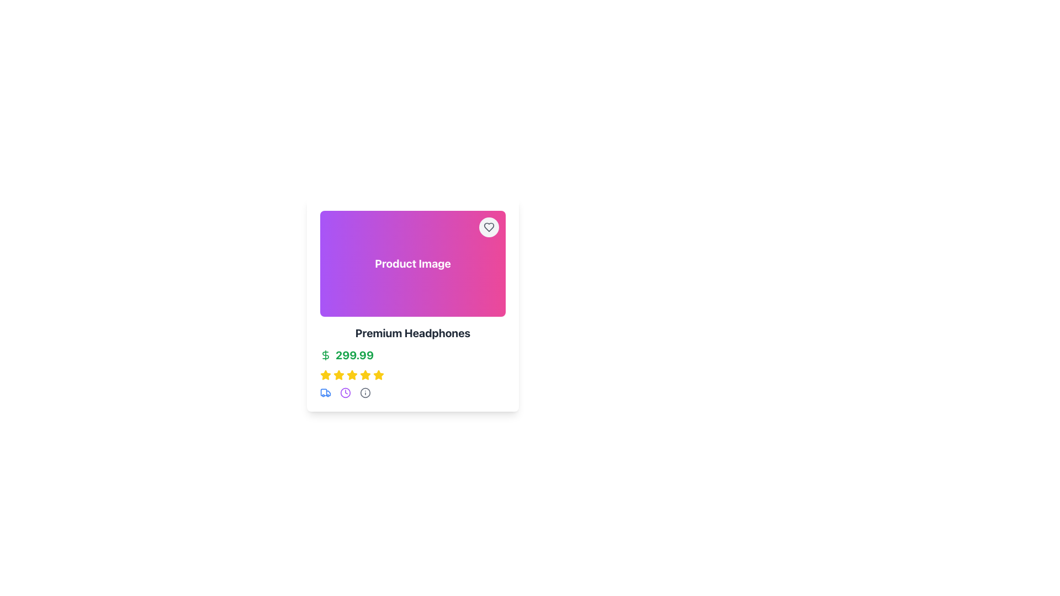 This screenshot has width=1060, height=596. What do you see at coordinates (338, 374) in the screenshot?
I see `the third star icon in the rating system, which is visually represented as a star and located below the product details` at bounding box center [338, 374].